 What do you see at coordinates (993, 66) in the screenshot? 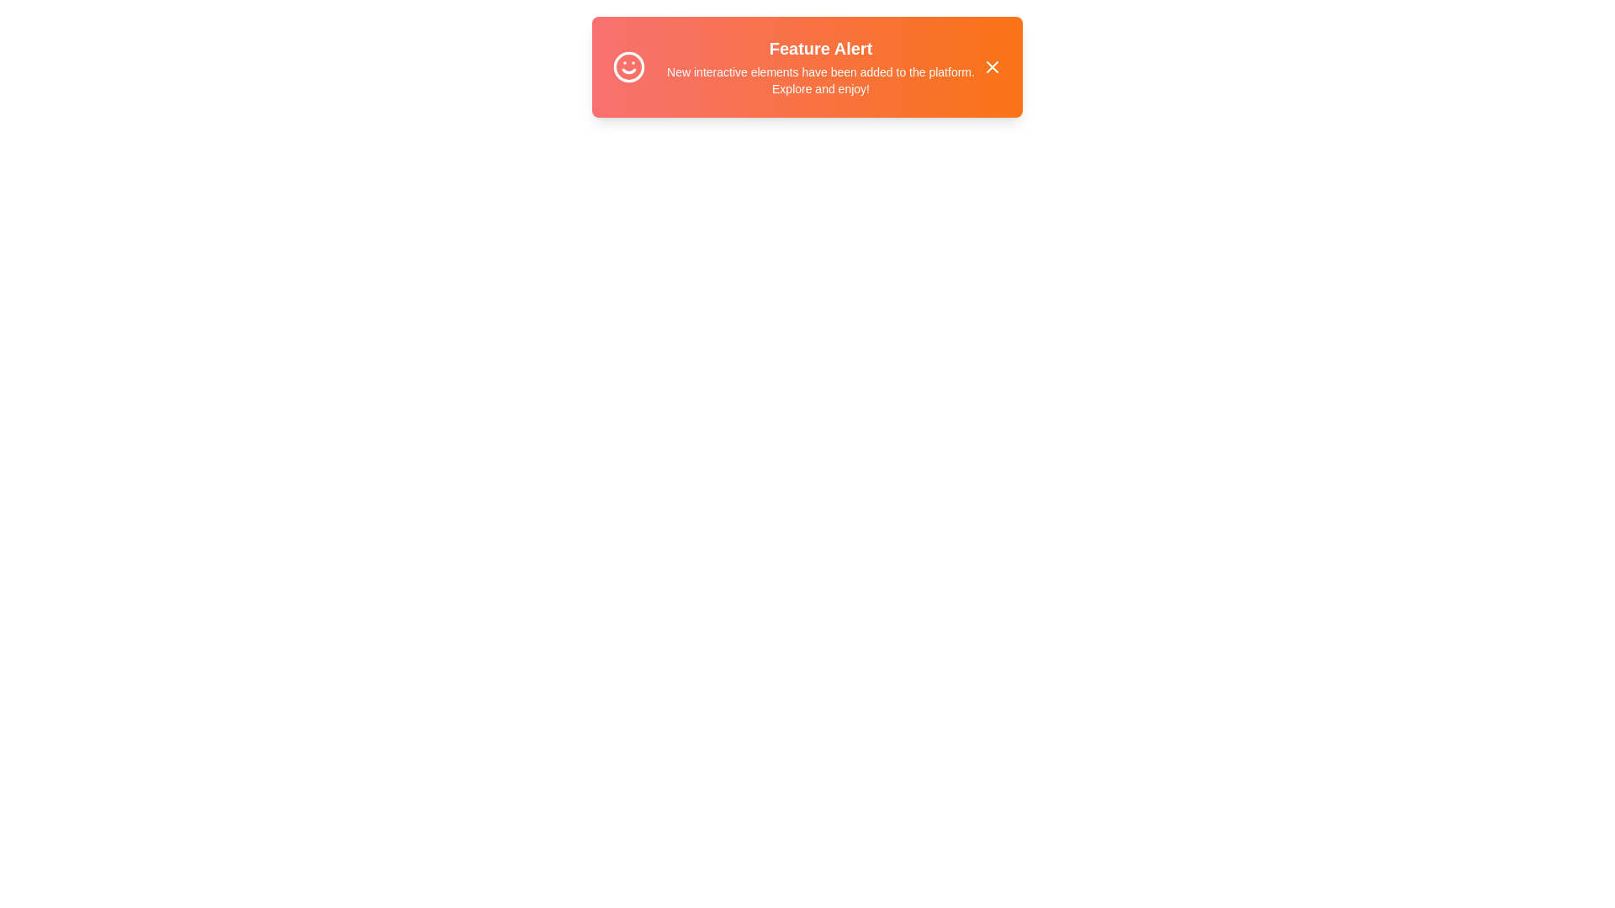
I see `the close button of the snackbar` at bounding box center [993, 66].